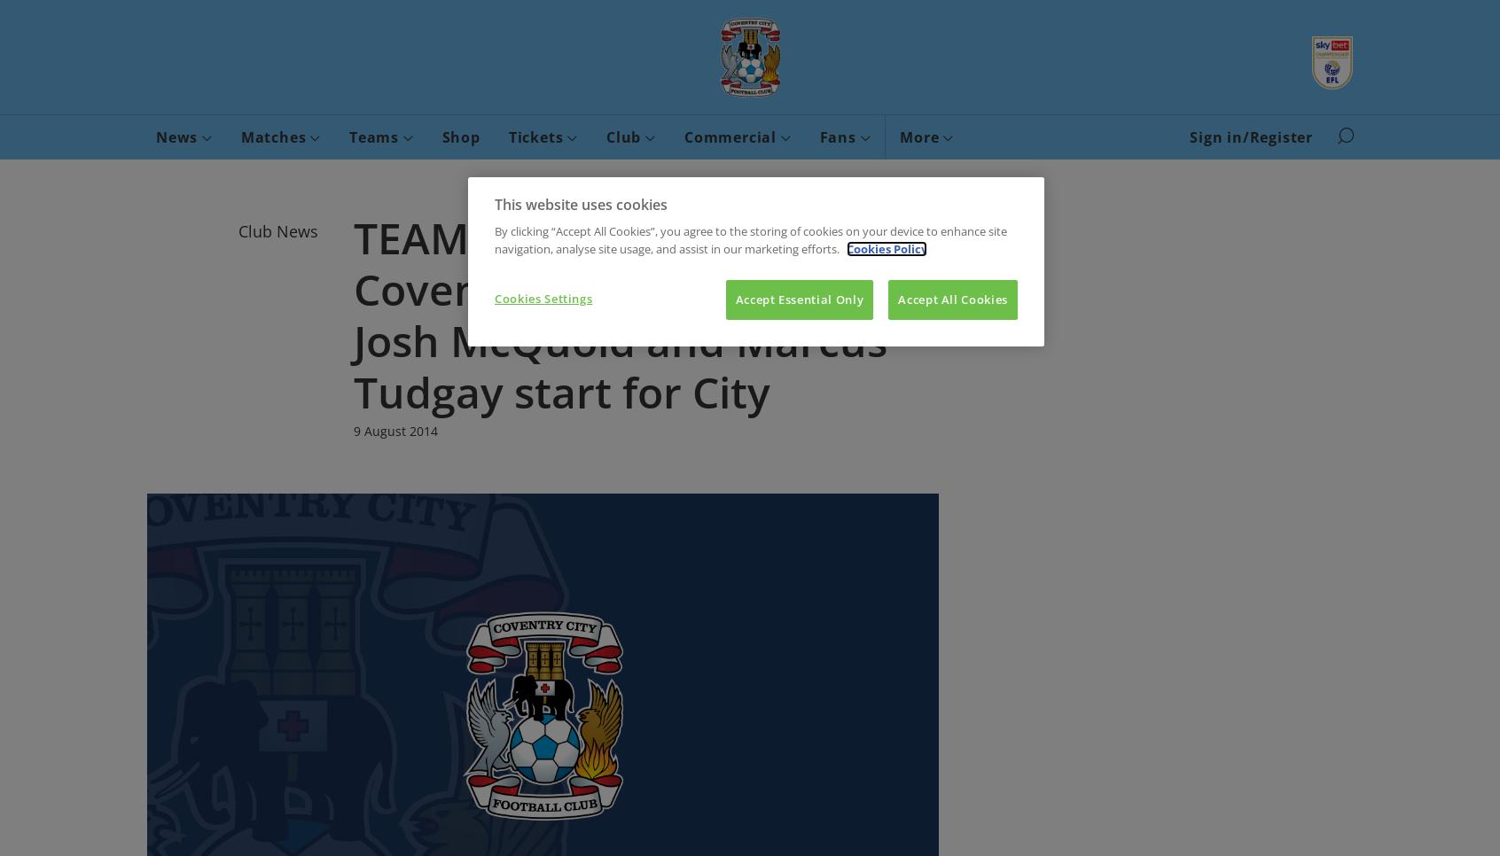  What do you see at coordinates (640, 314) in the screenshot?
I see `'TEAM NEWS: Bradford City v Coventry City - Ryan Allsop, Josh McQuoid and Marcus Tudgay start for City'` at bounding box center [640, 314].